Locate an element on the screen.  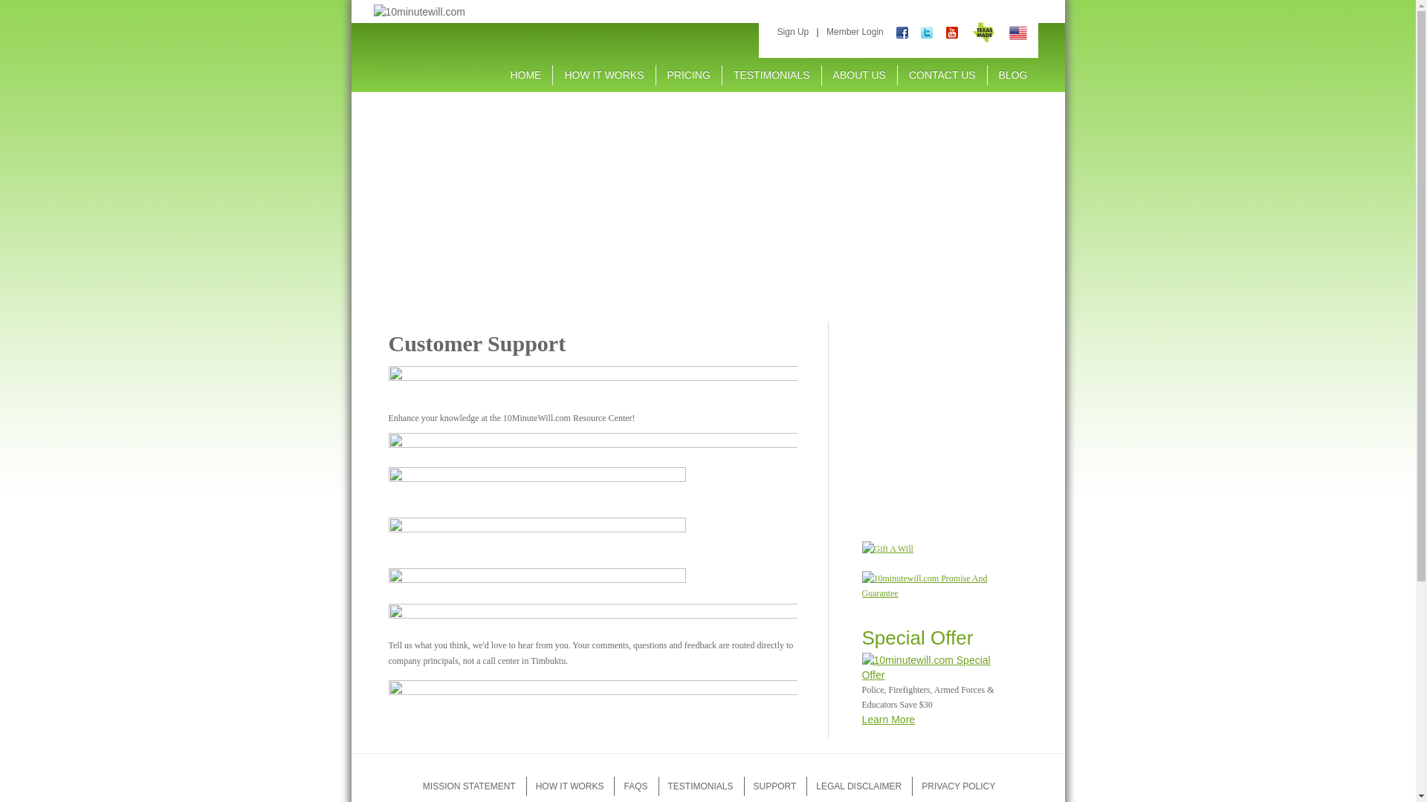
'Member Login' is located at coordinates (855, 31).